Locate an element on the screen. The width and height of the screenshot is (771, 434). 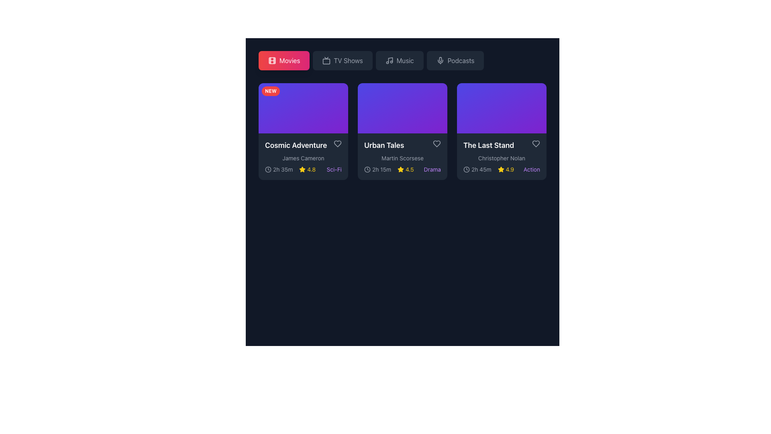
the 'TV Shows' button in the navigation menu, which includes an icon representing the section is located at coordinates (326, 60).